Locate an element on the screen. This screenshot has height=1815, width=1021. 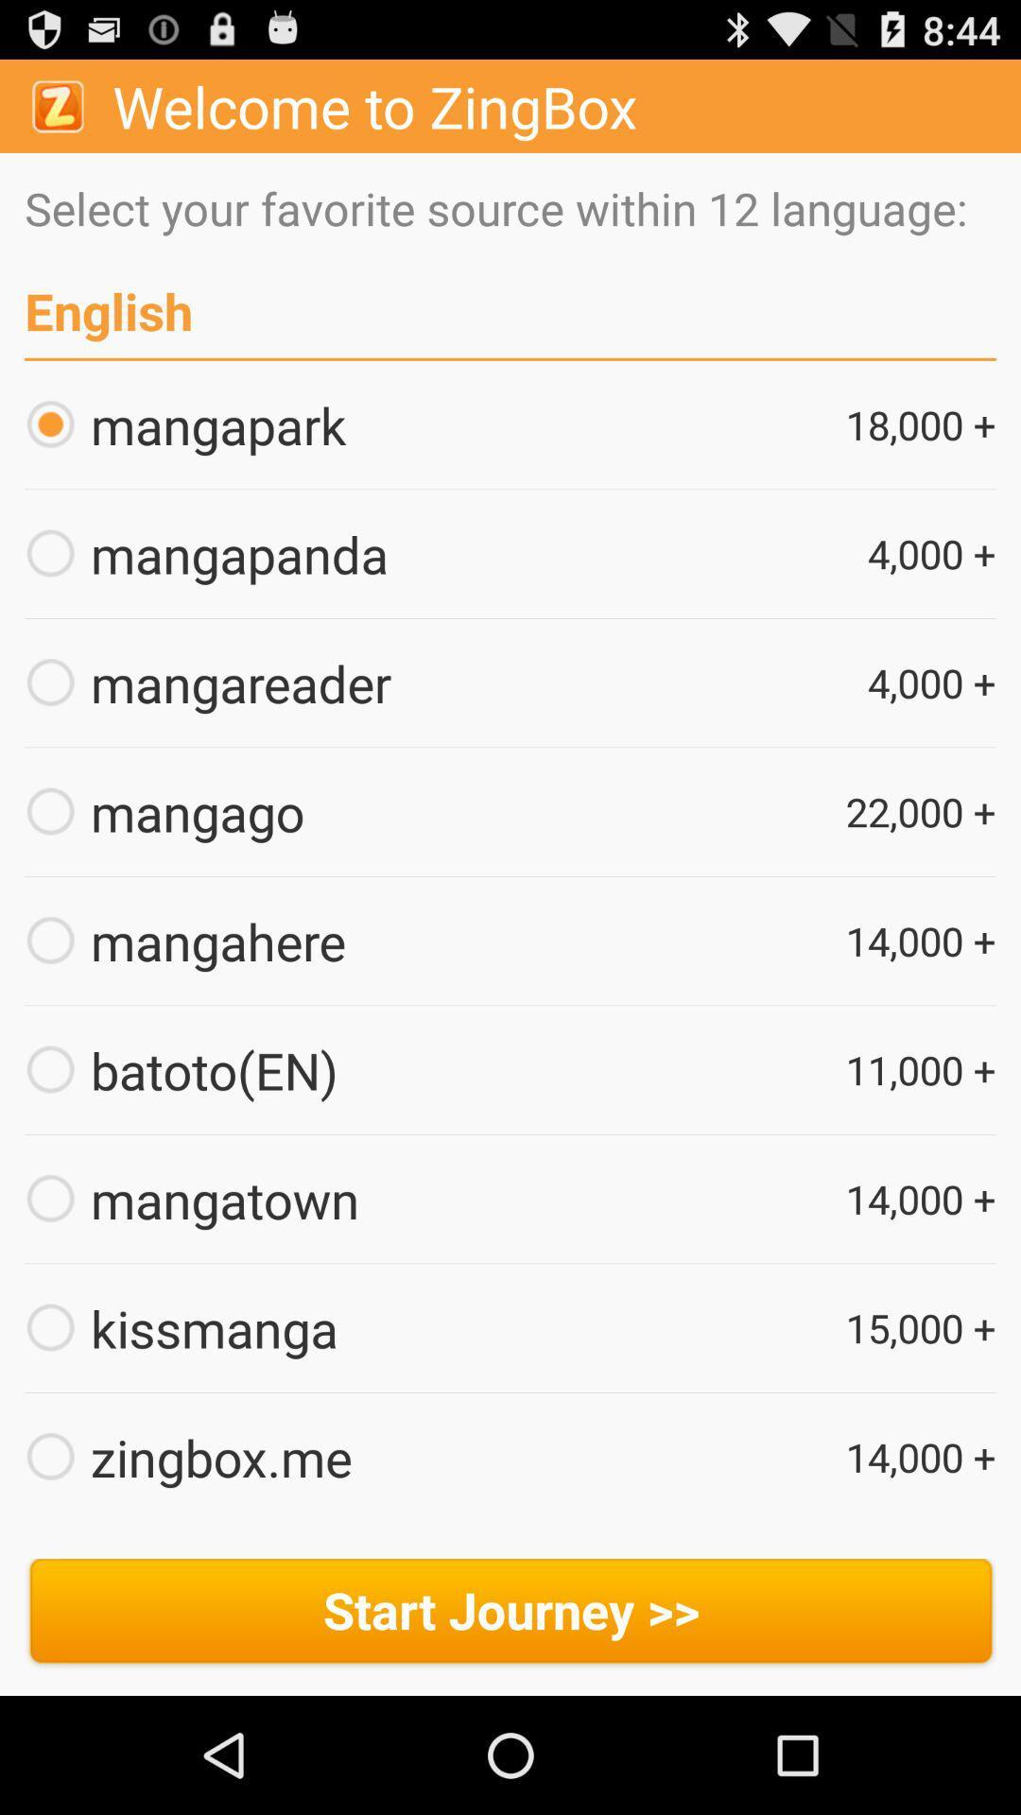
tap on the button start journey present at the bottom of the page is located at coordinates (510, 1614).